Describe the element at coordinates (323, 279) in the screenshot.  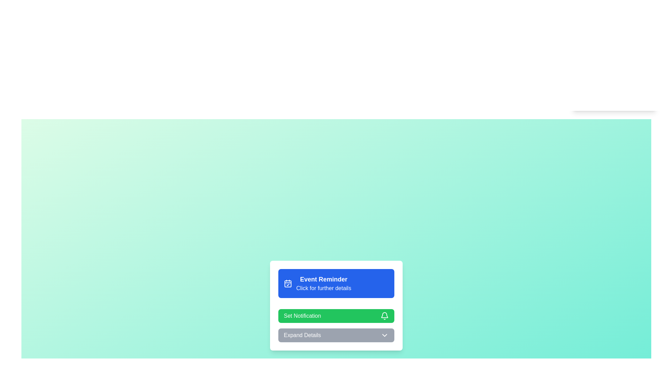
I see `the static text heading that reads 'Event Reminder', which is styled with bold white text against a blue background, positioned at the top of a blue section within the card interface` at that location.